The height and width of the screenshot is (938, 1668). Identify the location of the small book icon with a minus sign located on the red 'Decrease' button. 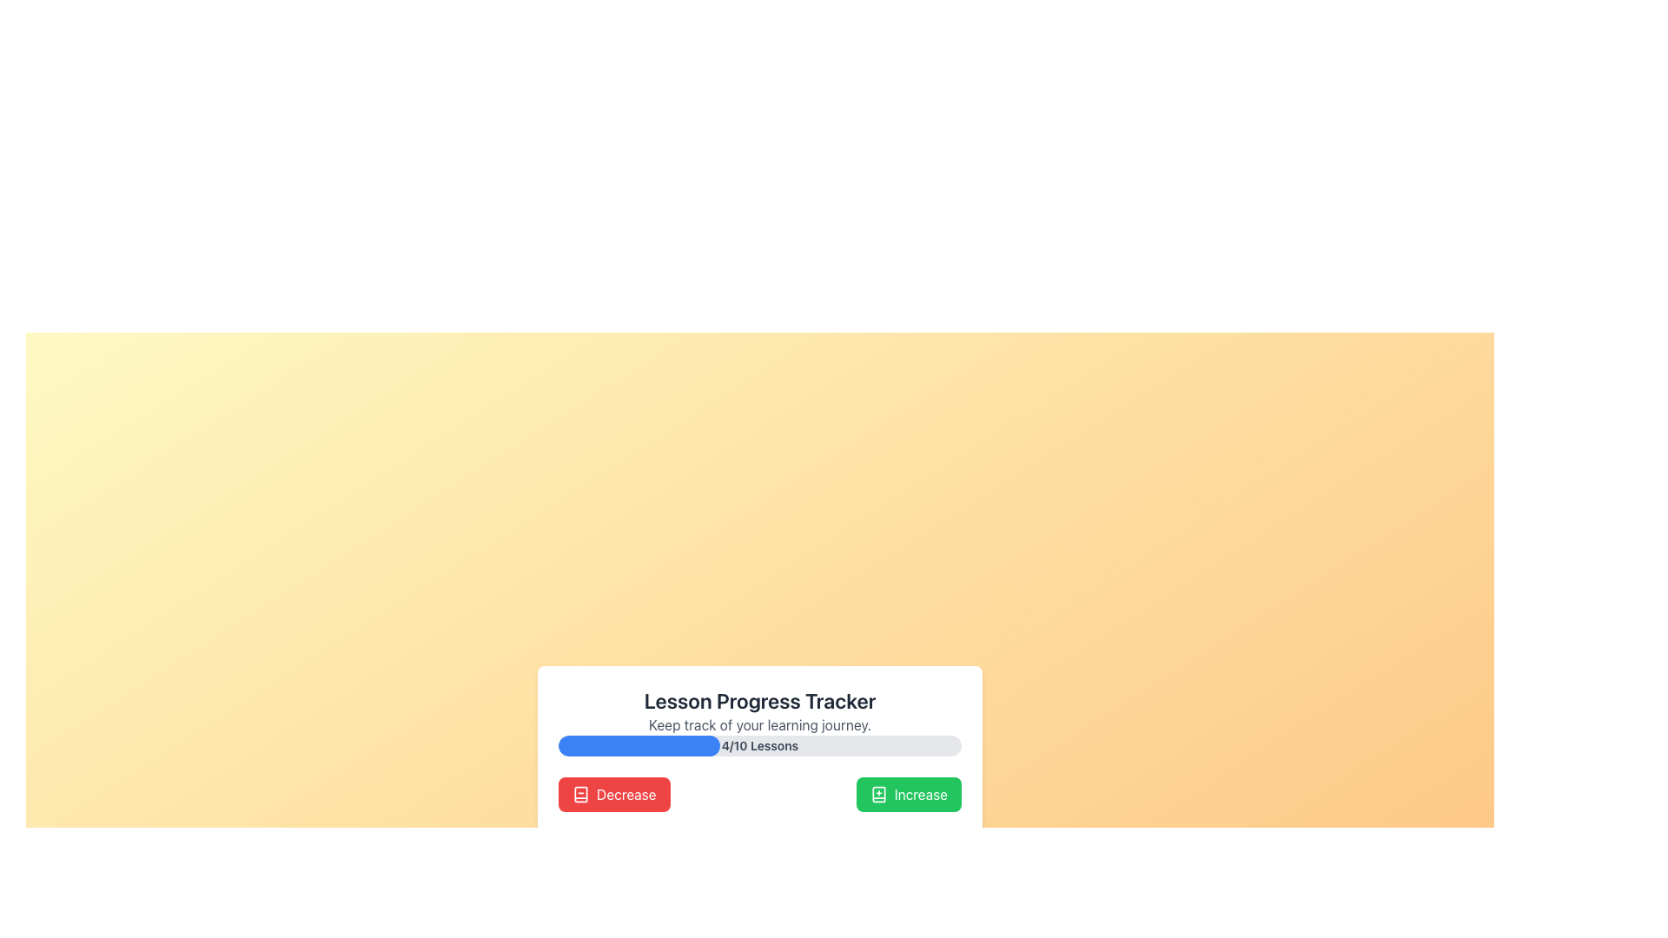
(580, 794).